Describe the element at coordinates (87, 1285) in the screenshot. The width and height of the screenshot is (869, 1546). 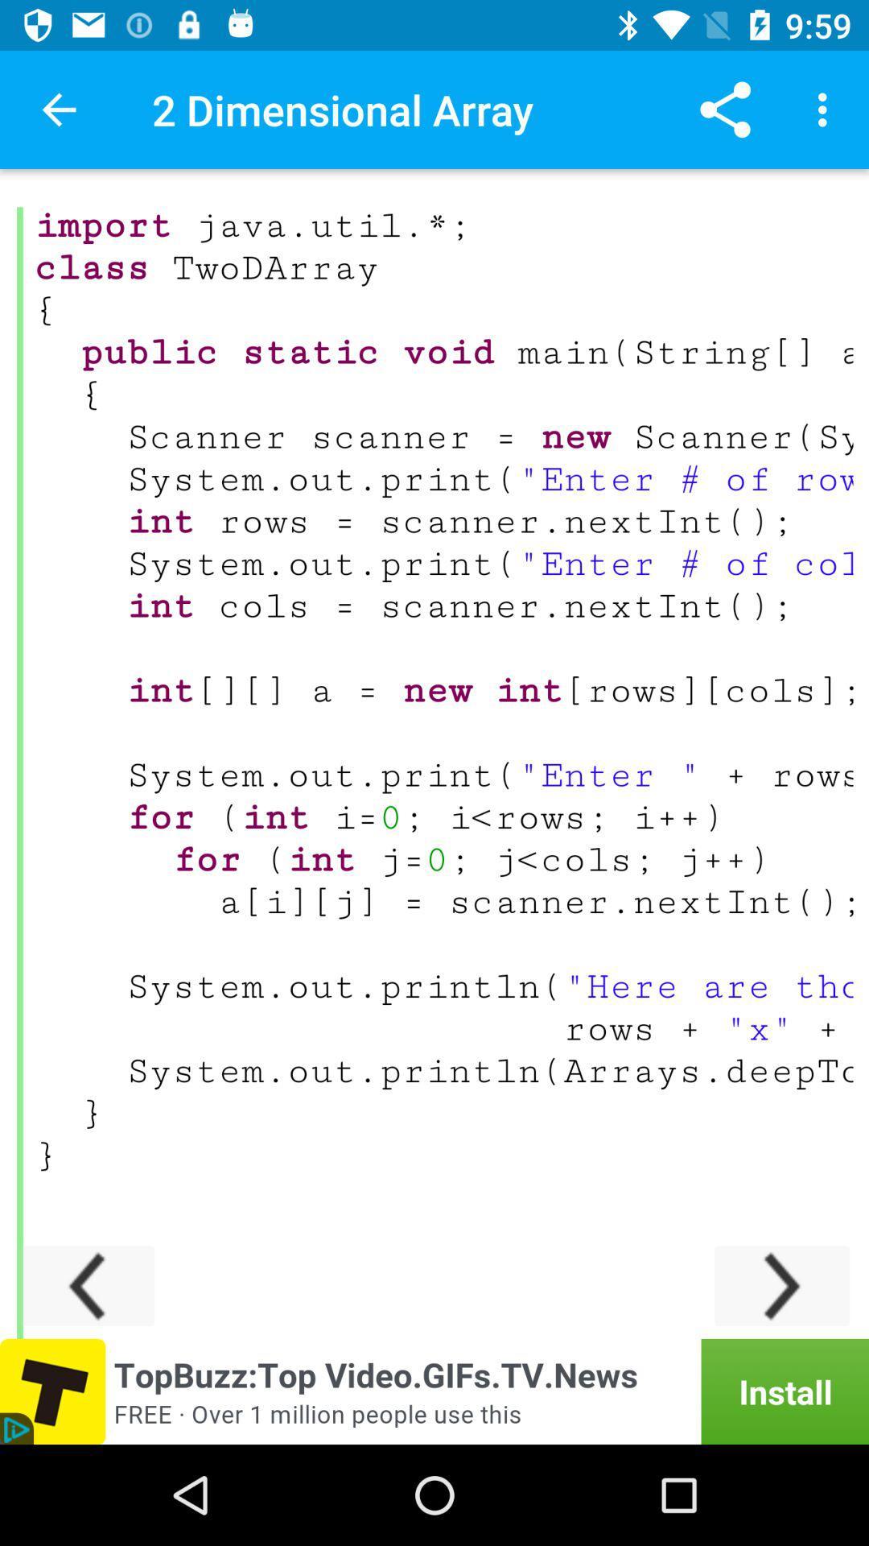
I see `back button` at that location.